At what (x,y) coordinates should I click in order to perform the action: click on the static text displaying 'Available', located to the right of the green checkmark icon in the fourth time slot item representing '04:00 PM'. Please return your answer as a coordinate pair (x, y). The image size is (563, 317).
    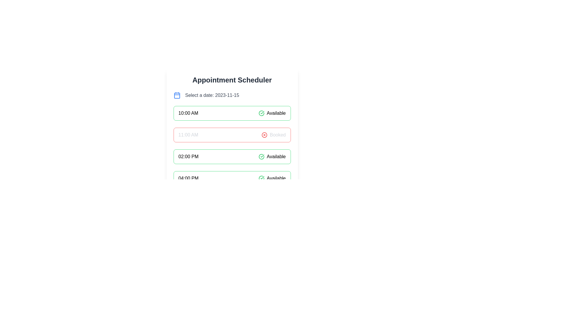
    Looking at the image, I should click on (276, 178).